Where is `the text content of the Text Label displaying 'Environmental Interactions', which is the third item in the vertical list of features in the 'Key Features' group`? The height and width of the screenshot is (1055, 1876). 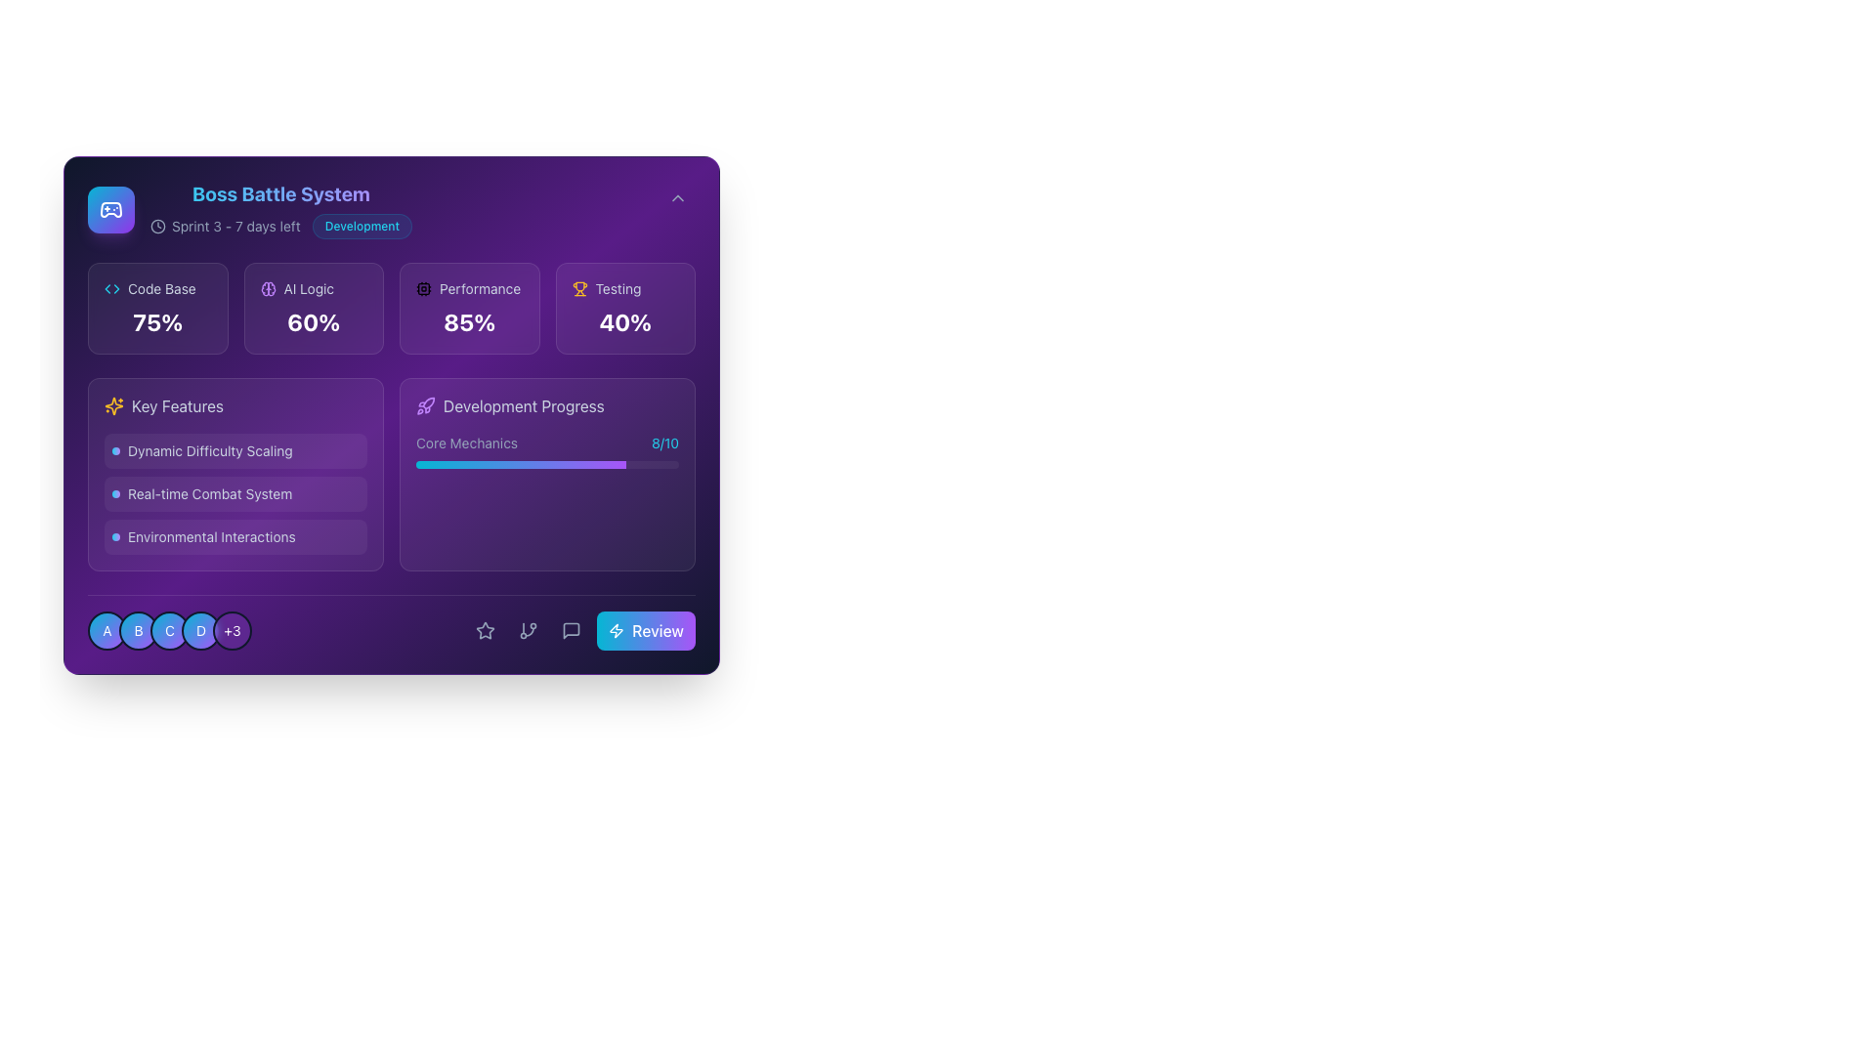
the text content of the Text Label displaying 'Environmental Interactions', which is the third item in the vertical list of features in the 'Key Features' group is located at coordinates (211, 537).